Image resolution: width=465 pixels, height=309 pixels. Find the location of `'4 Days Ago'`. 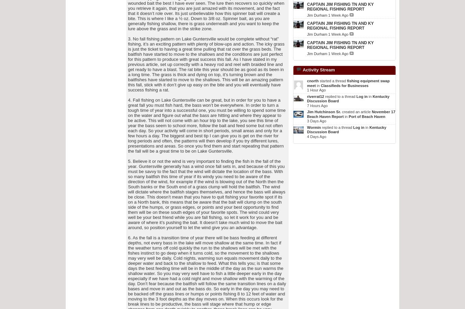

'4 Days Ago' is located at coordinates (316, 136).